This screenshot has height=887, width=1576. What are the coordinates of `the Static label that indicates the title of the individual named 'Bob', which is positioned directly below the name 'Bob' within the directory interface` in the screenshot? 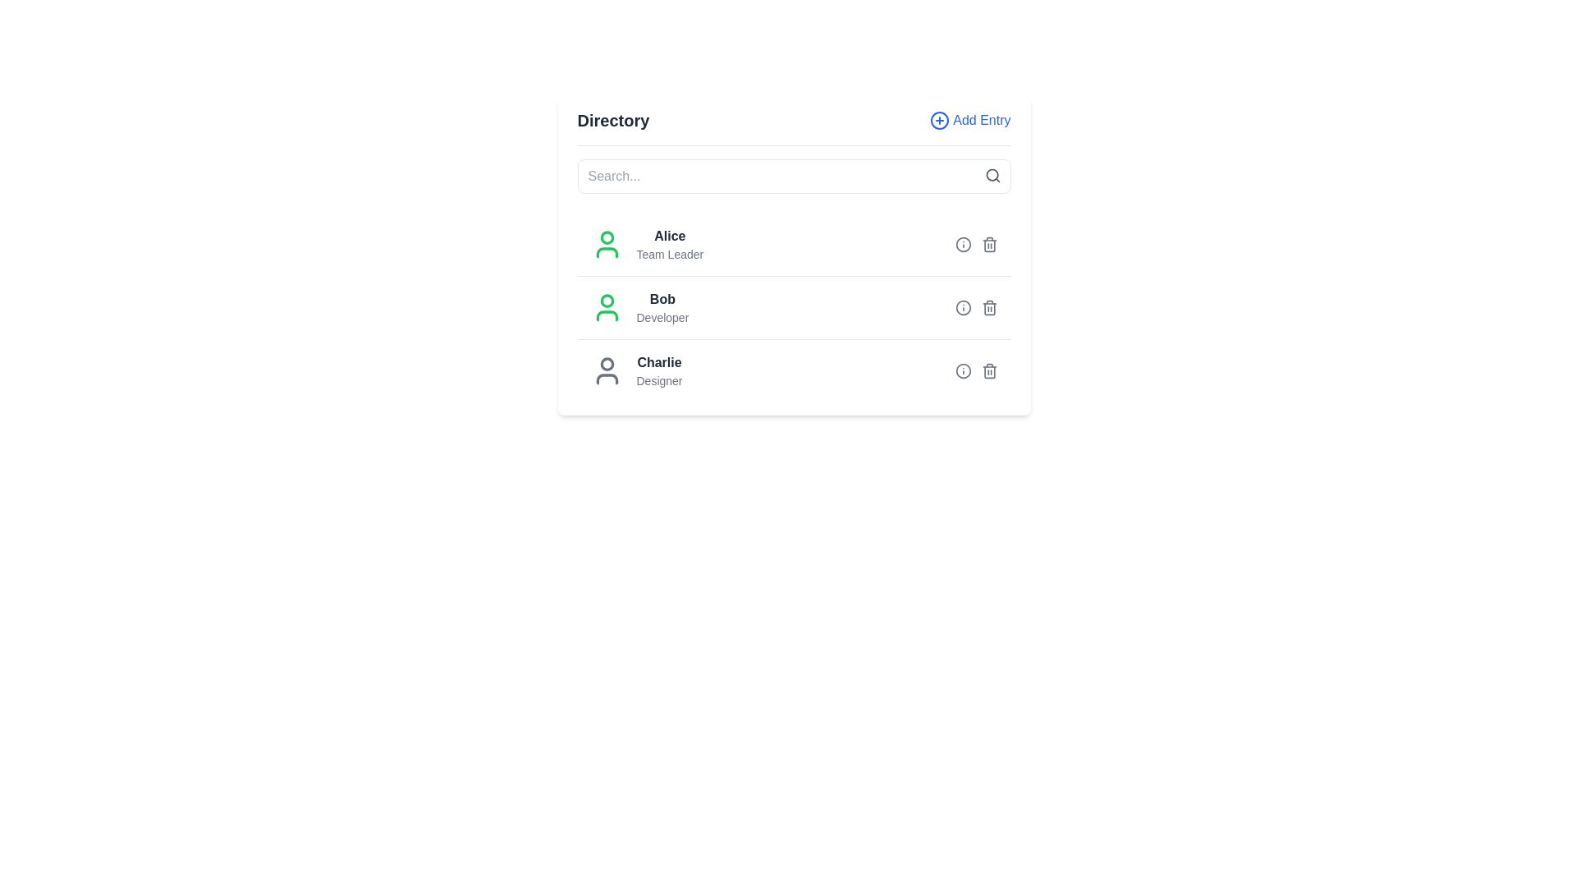 It's located at (662, 317).